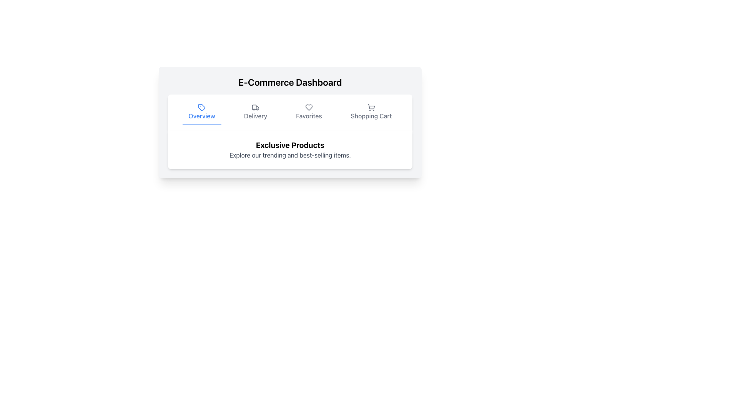 The height and width of the screenshot is (415, 738). What do you see at coordinates (371, 116) in the screenshot?
I see `the Text Label that describes the shopping cart link for accessibility features` at bounding box center [371, 116].